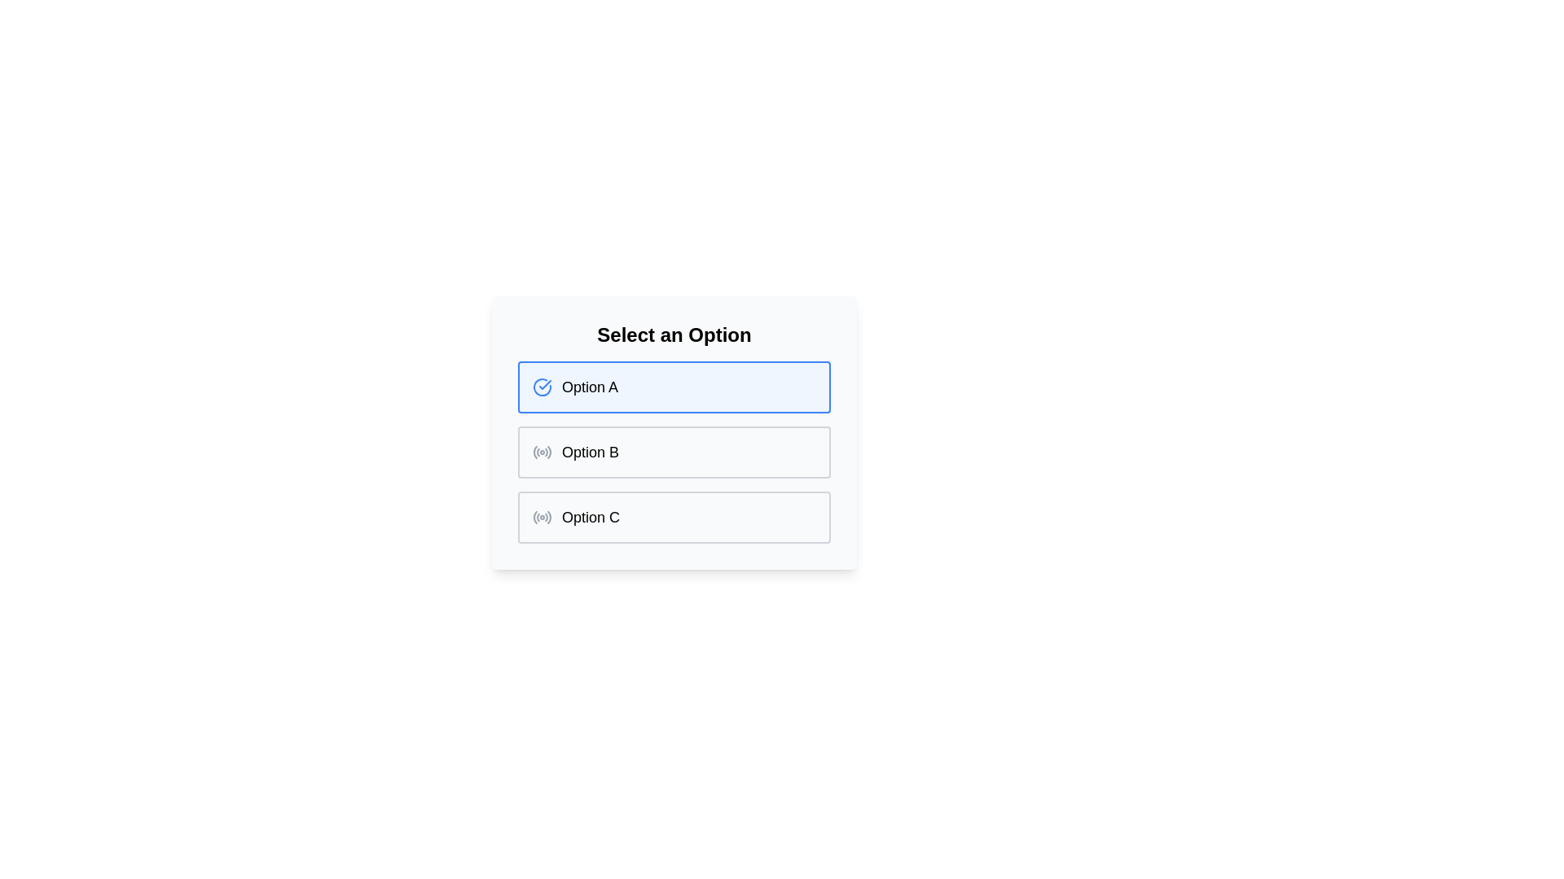  I want to click on label 'Option A' which is a textual label styled with a larger font size and medium weight, located in the first selectable box within the blue-highlighted area, so click(589, 387).